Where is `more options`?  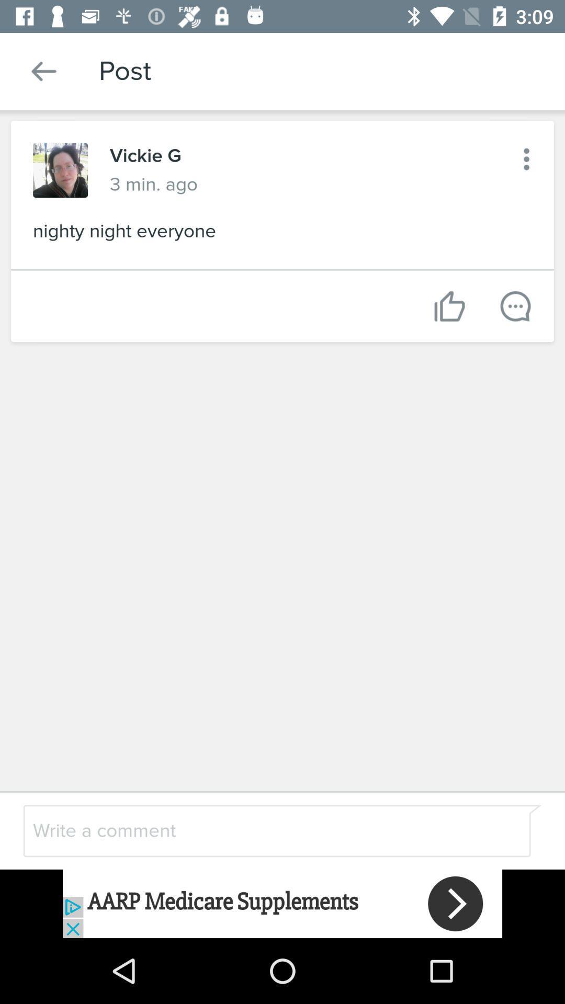
more options is located at coordinates (526, 158).